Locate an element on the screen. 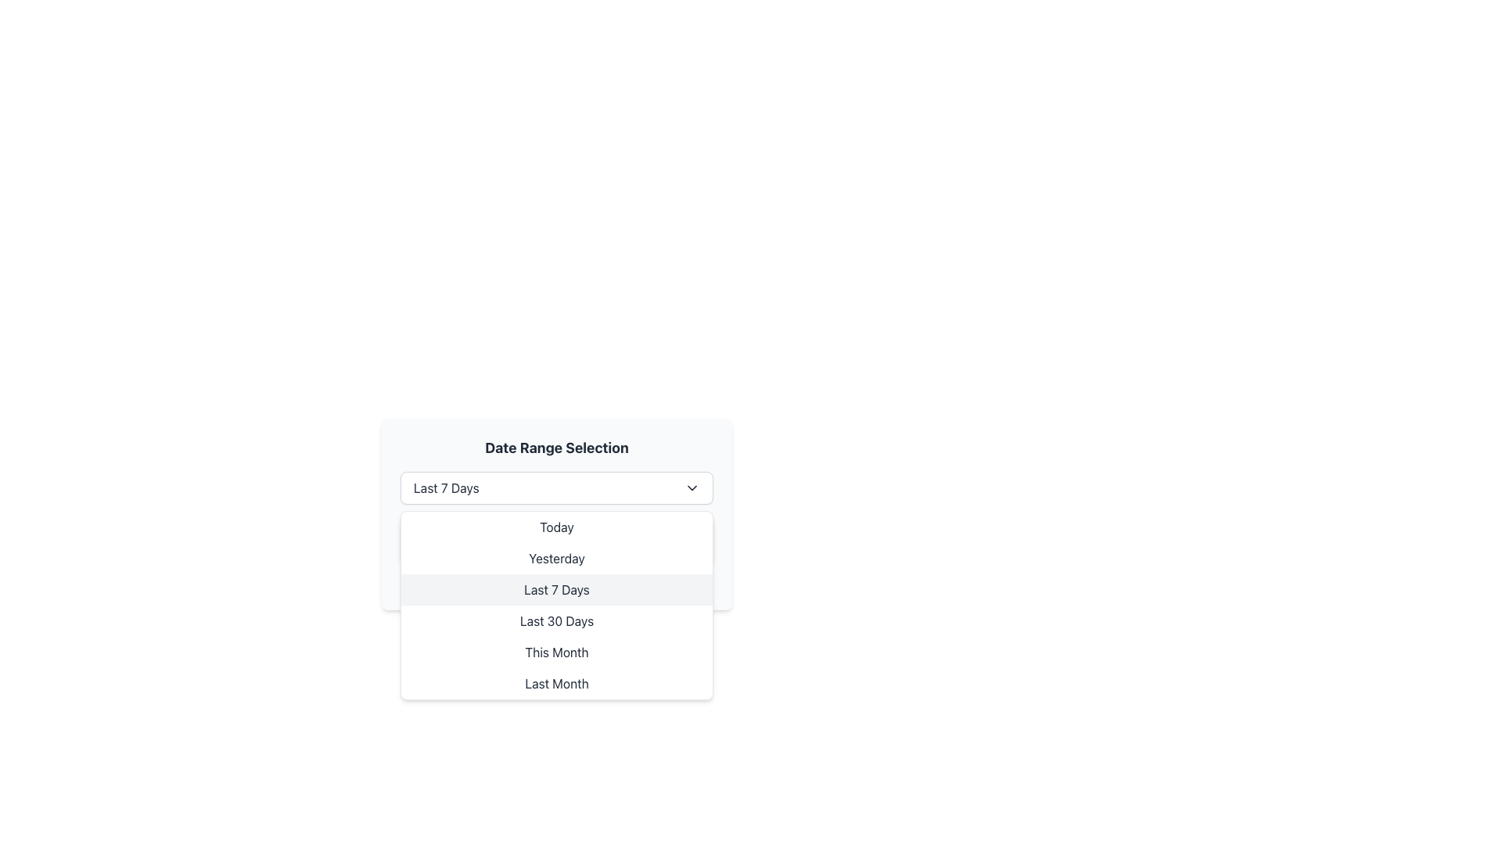  the third option in the dropdown menu located below the 'Last 7 Days' dropdown control is located at coordinates (556, 605).